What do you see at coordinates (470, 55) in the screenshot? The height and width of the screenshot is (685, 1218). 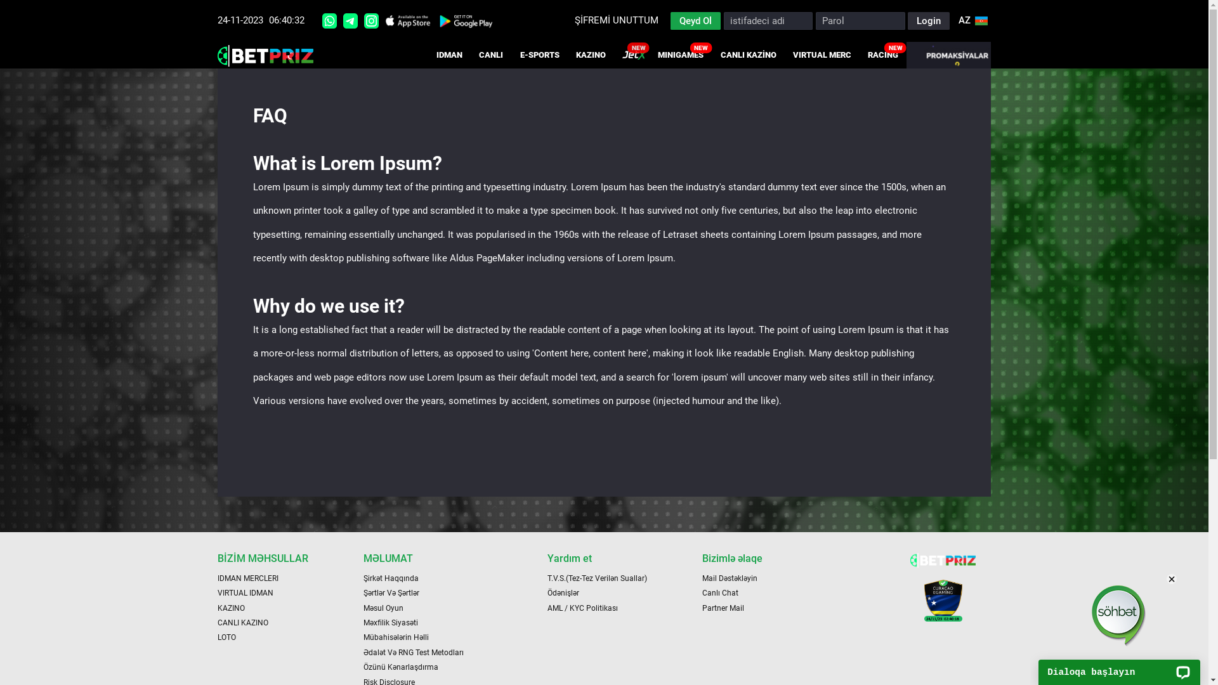 I see `'CANLI'` at bounding box center [470, 55].